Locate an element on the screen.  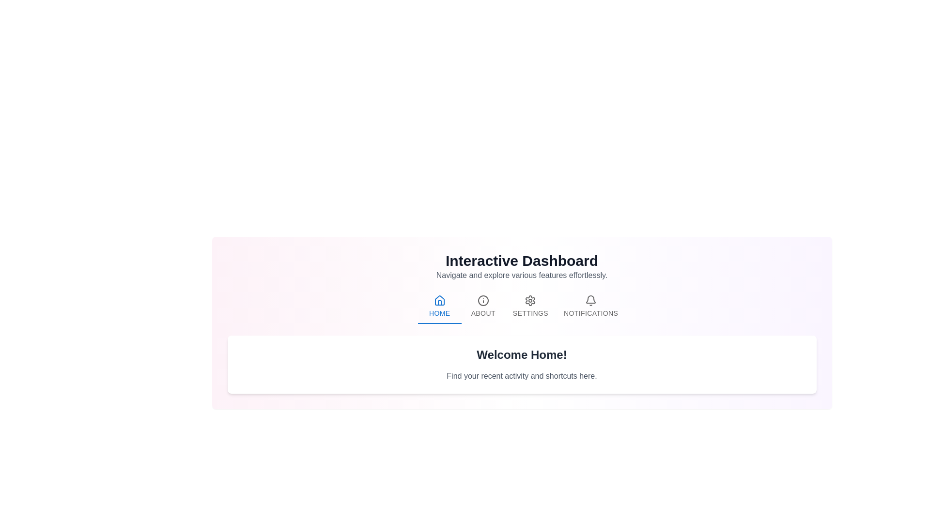
the 'About' navigation tab located in the horizontal navigation bar below the title 'Interactive Dashboard' is located at coordinates (483, 306).